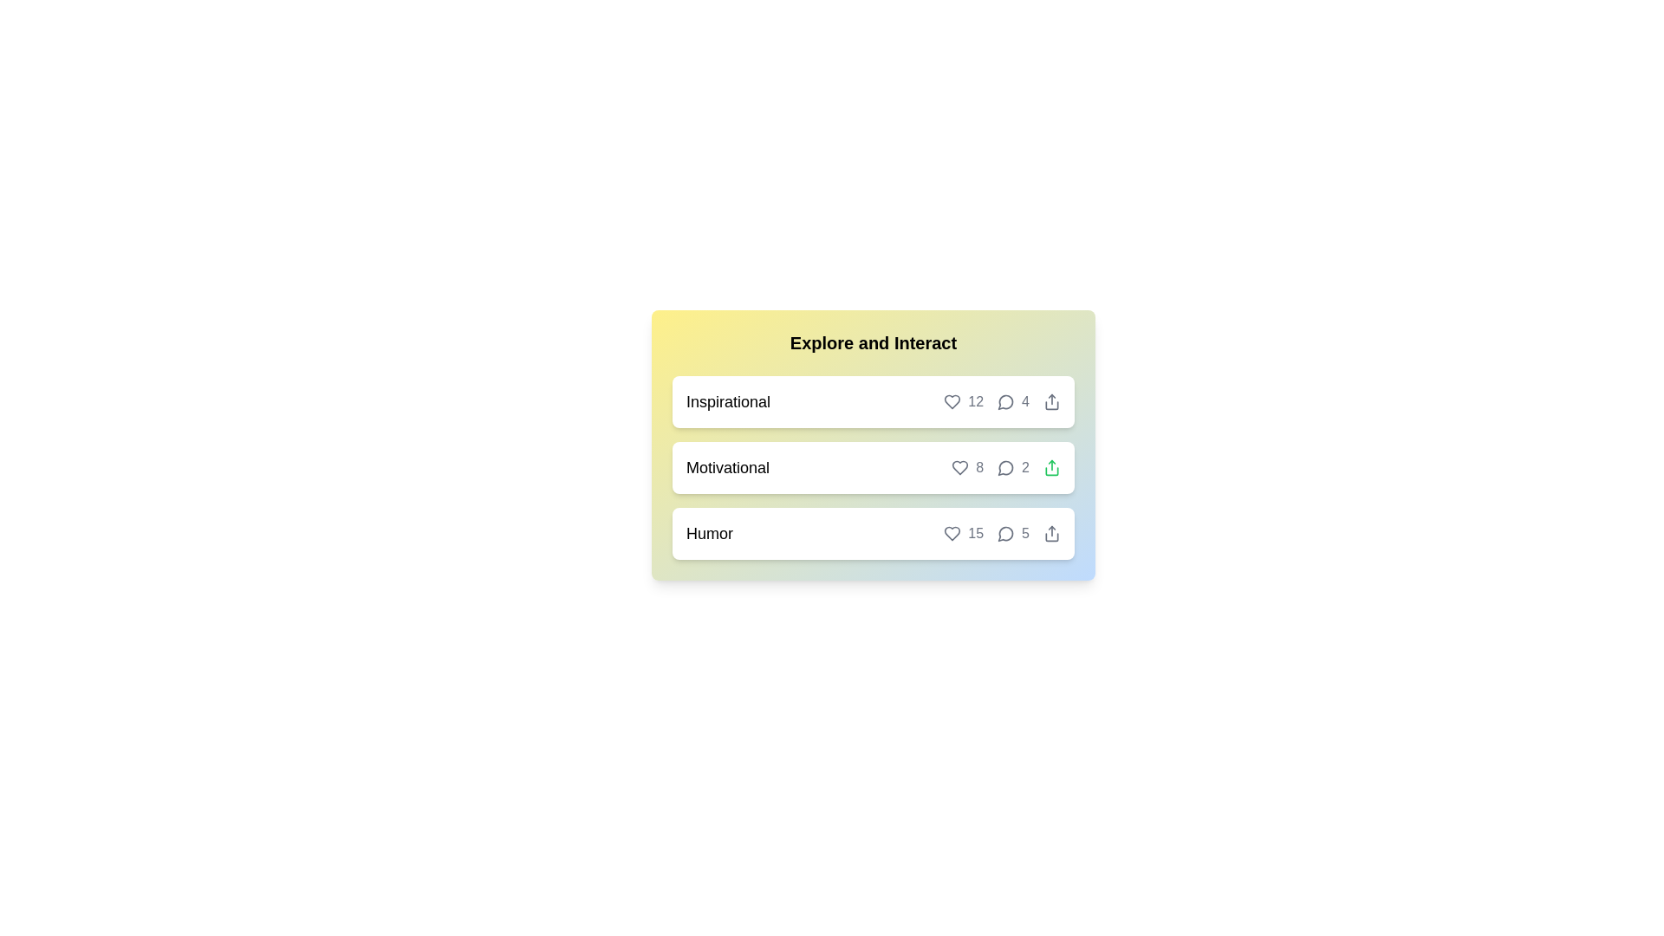 The image size is (1664, 936). Describe the element at coordinates (1051, 401) in the screenshot. I see `the 'share' button for the chip labeled Inspirational` at that location.